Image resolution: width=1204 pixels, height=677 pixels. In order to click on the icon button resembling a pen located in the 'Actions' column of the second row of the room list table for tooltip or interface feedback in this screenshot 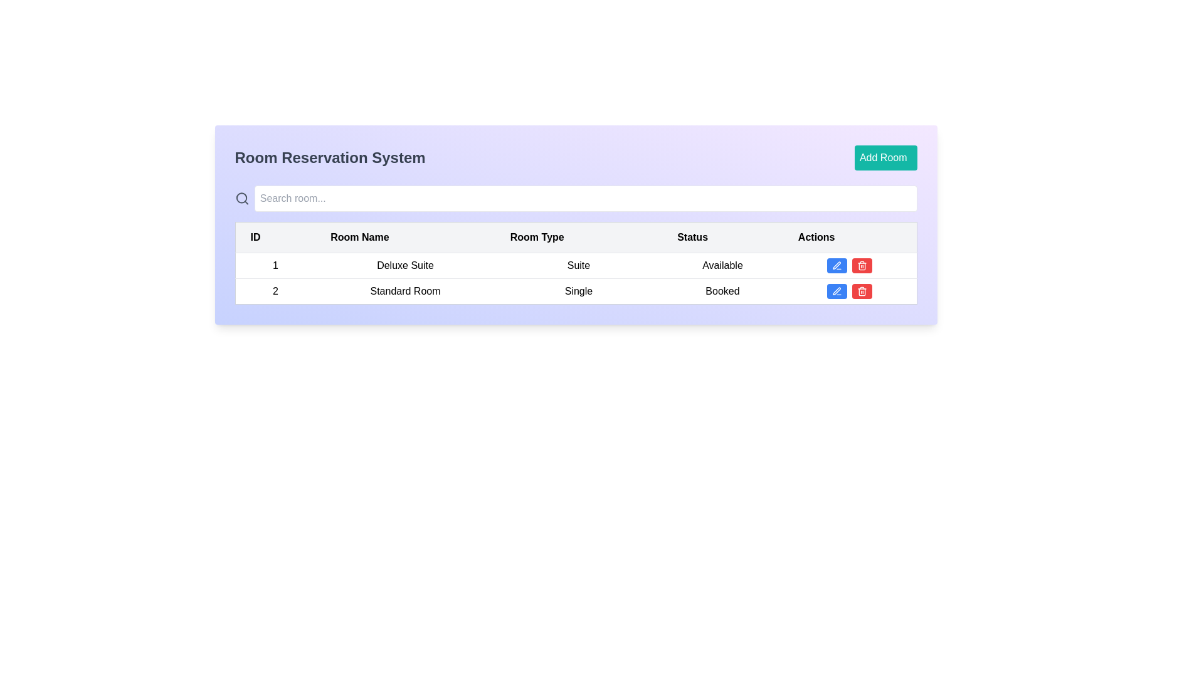, I will do `click(837, 265)`.